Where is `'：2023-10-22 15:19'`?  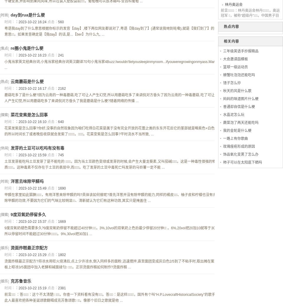
'：2023-10-22 15:19' is located at coordinates (30, 288).